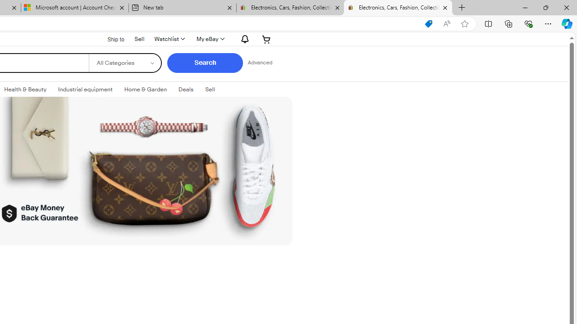 Image resolution: width=577 pixels, height=324 pixels. Describe the element at coordinates (169, 39) in the screenshot. I see `'WatchlistExpand Watch List'` at that location.